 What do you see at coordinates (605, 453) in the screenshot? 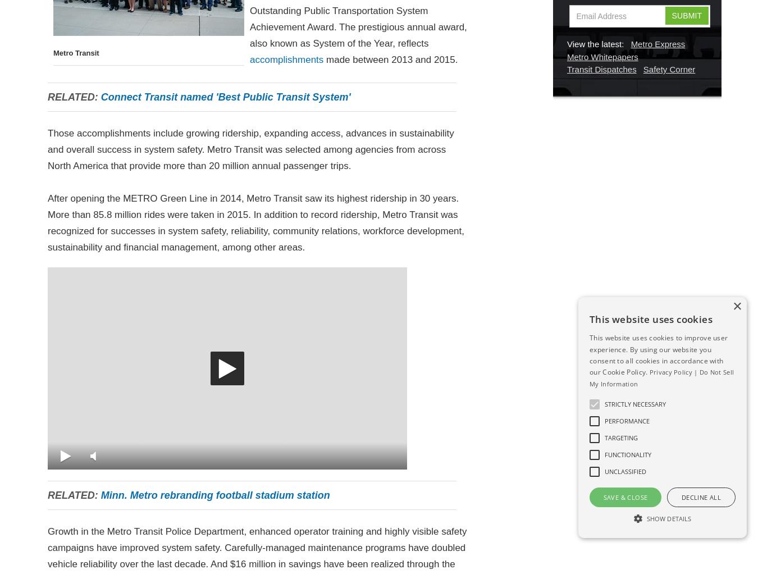
I see `'Functionality'` at bounding box center [605, 453].